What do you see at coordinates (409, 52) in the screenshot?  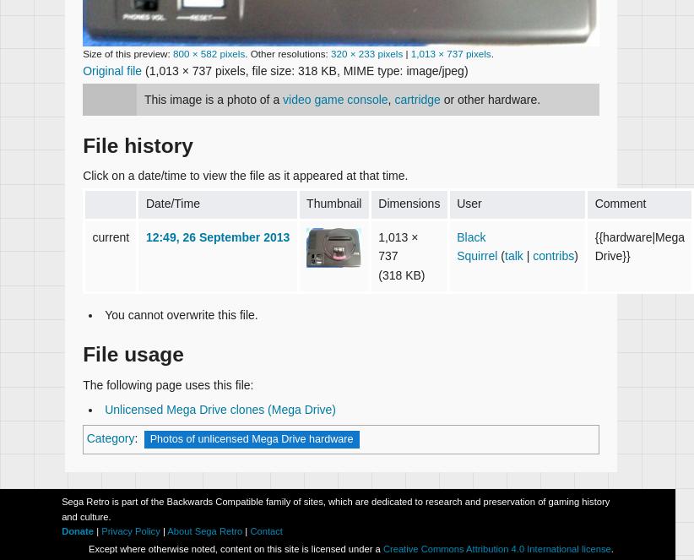 I see `'1,013 × 737 pixels'` at bounding box center [409, 52].